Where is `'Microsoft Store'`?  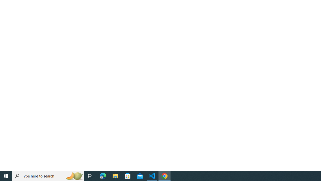
'Microsoft Store' is located at coordinates (128, 175).